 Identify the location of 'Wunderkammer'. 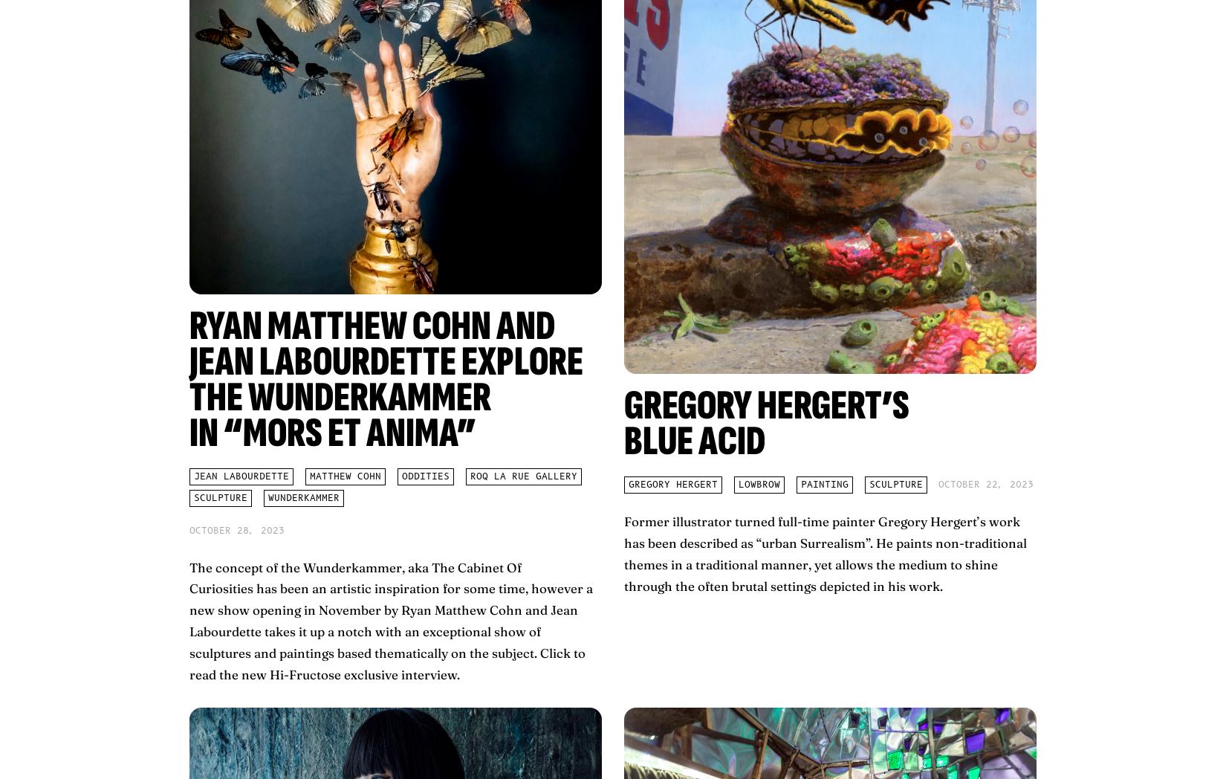
(304, 498).